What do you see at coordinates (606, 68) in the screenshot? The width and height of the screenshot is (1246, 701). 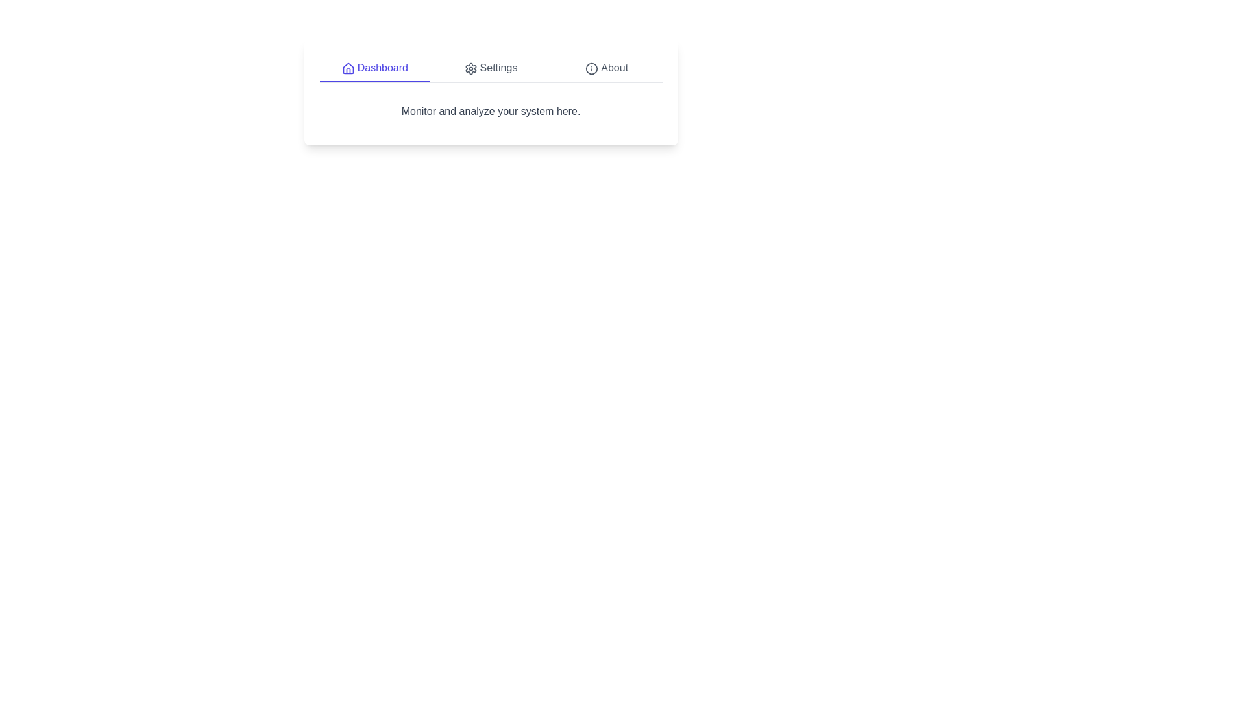 I see `the tab labeled About to observe its visual change` at bounding box center [606, 68].